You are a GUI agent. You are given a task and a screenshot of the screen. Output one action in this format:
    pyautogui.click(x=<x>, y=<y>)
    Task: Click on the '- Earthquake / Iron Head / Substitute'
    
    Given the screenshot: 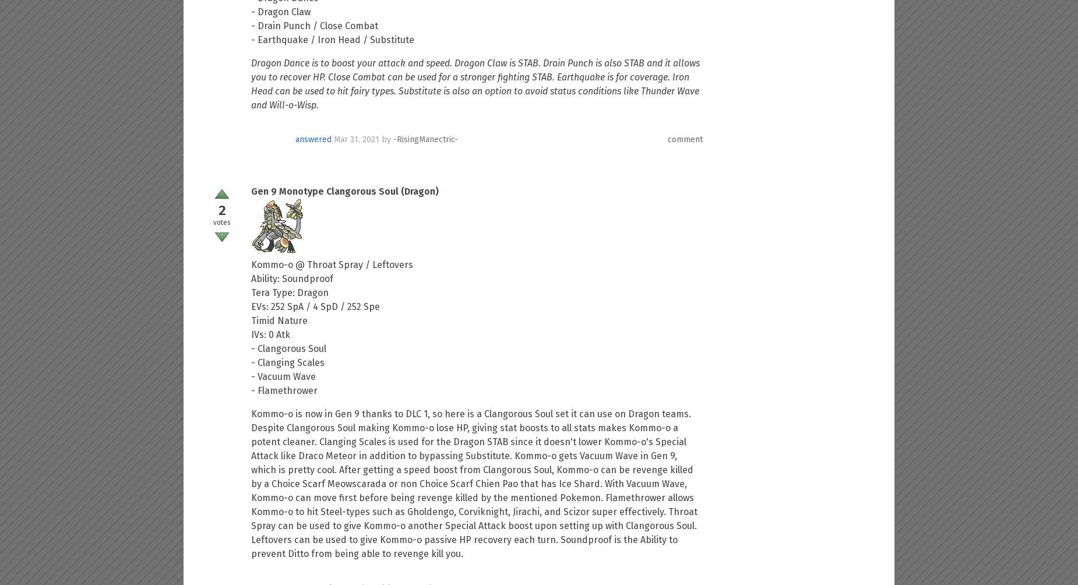 What is the action you would take?
    pyautogui.click(x=332, y=40)
    